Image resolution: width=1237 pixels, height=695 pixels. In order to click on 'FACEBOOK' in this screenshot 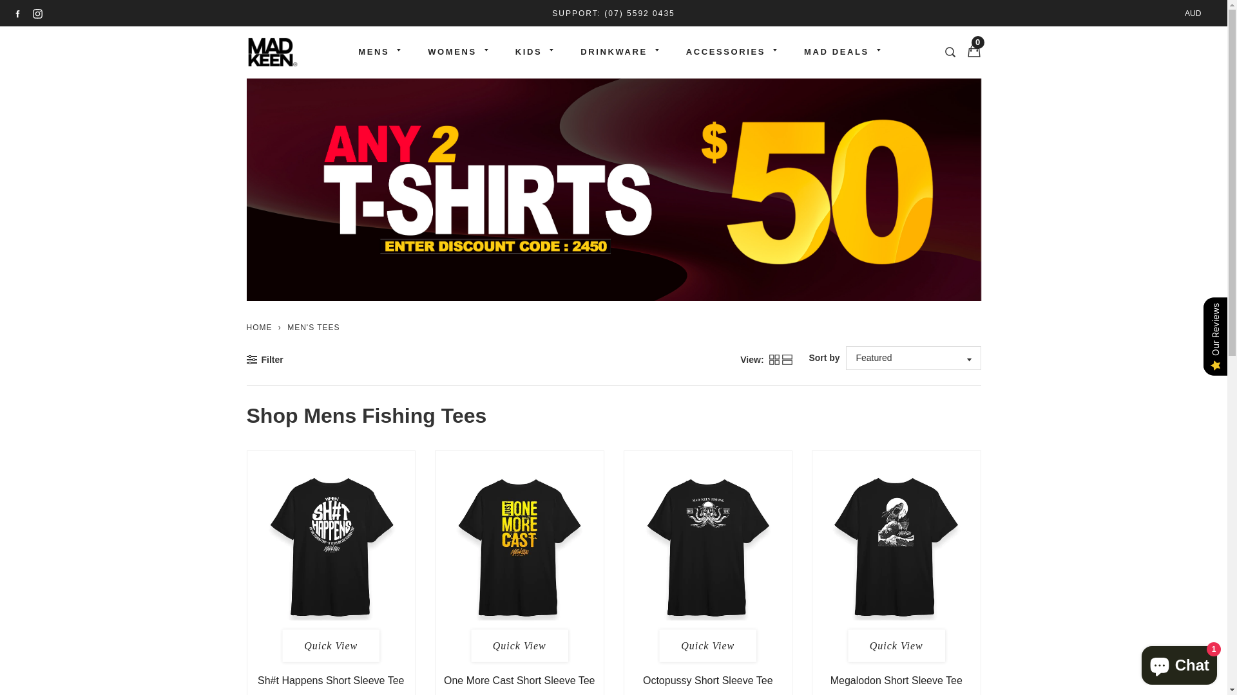, I will do `click(17, 13)`.